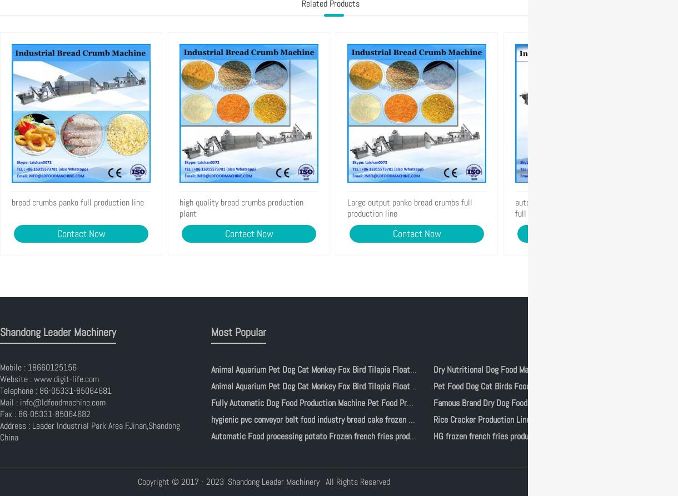 The image size is (678, 496). Describe the element at coordinates (356, 481) in the screenshot. I see `'All Rights Reserved'` at that location.